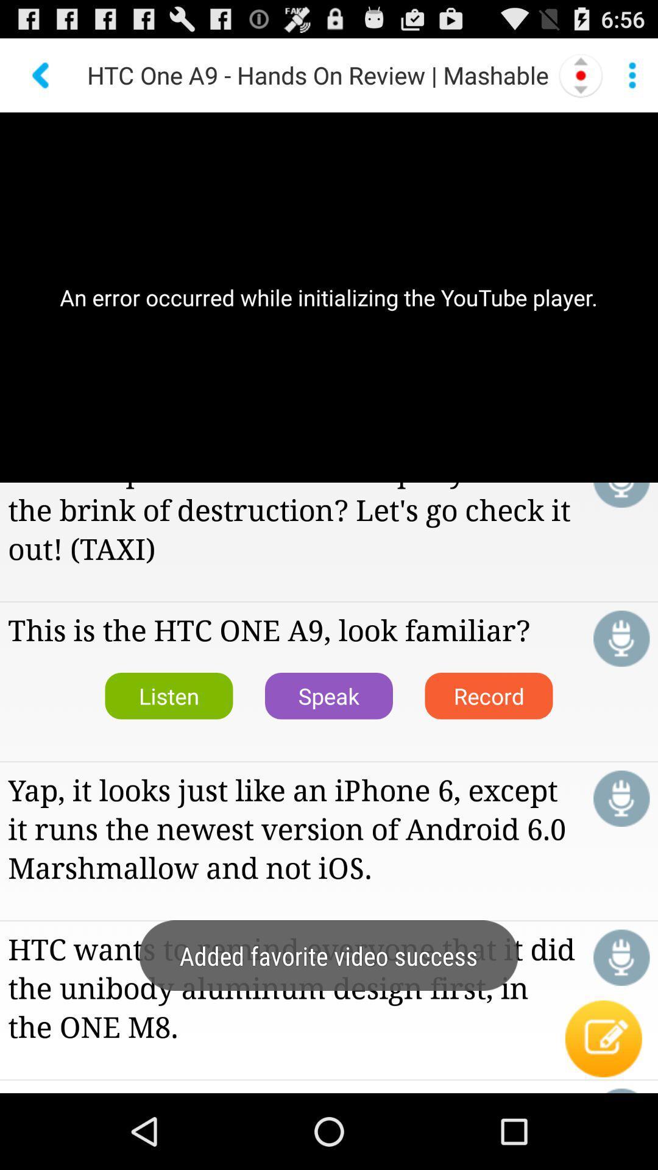 Image resolution: width=658 pixels, height=1170 pixels. What do you see at coordinates (603, 1111) in the screenshot?
I see `the edit icon` at bounding box center [603, 1111].